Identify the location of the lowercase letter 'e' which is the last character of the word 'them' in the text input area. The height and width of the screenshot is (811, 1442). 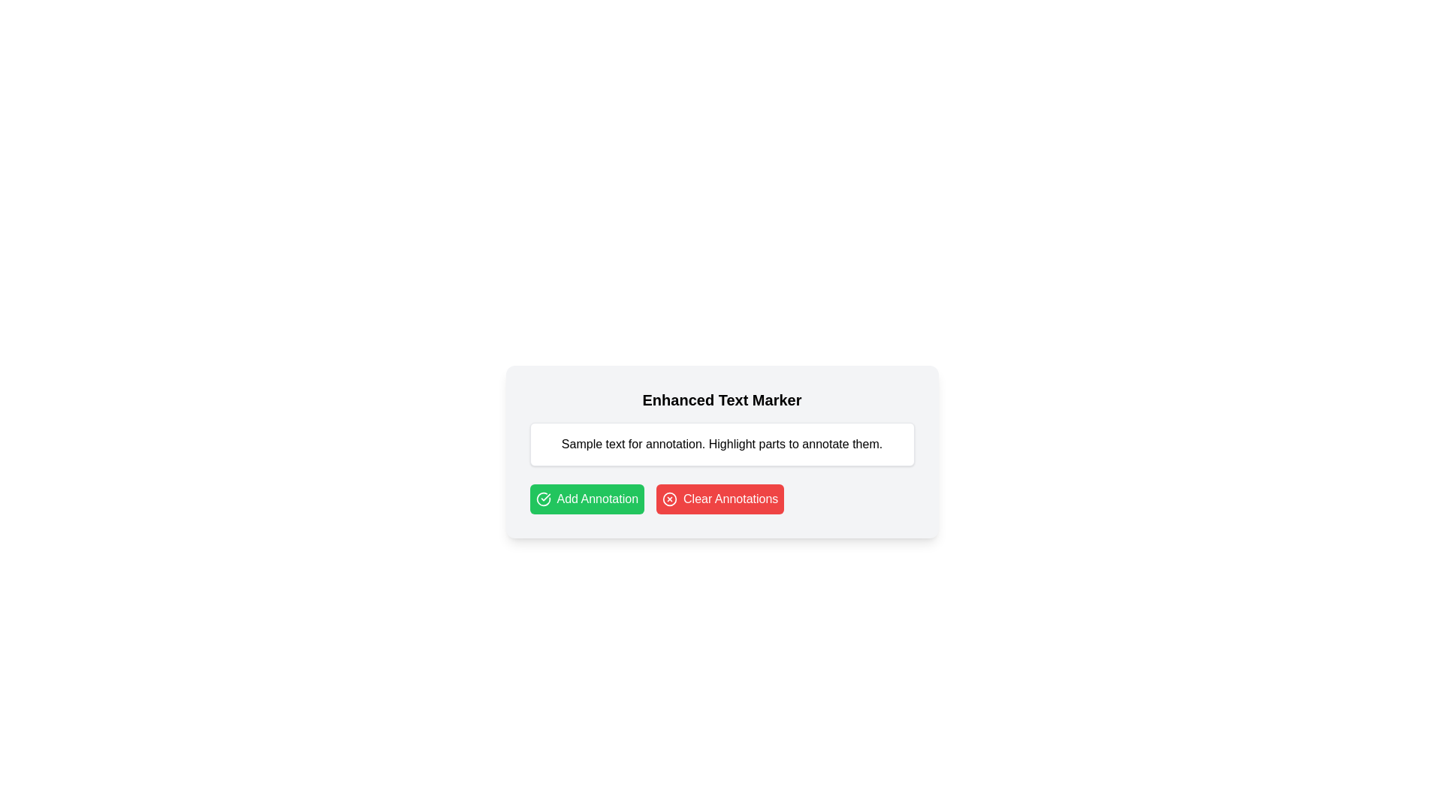
(865, 443).